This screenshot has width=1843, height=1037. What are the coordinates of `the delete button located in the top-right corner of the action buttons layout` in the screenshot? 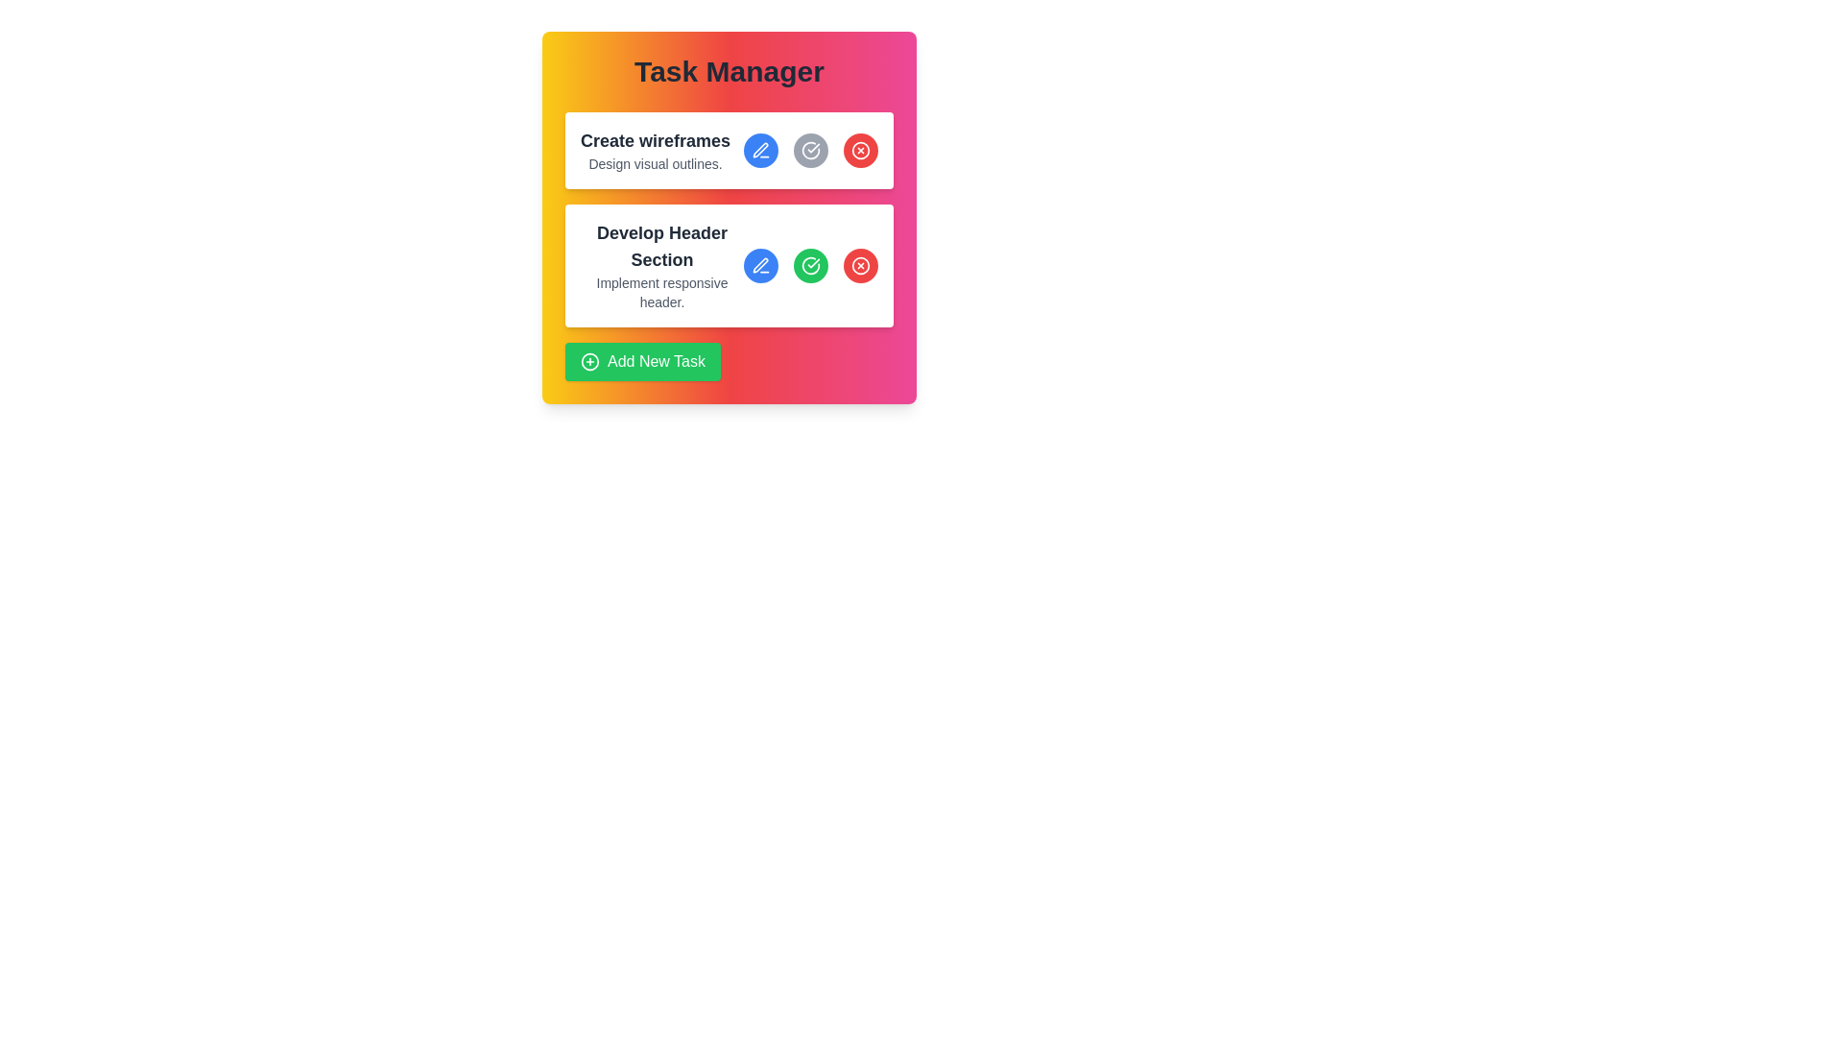 It's located at (860, 150).